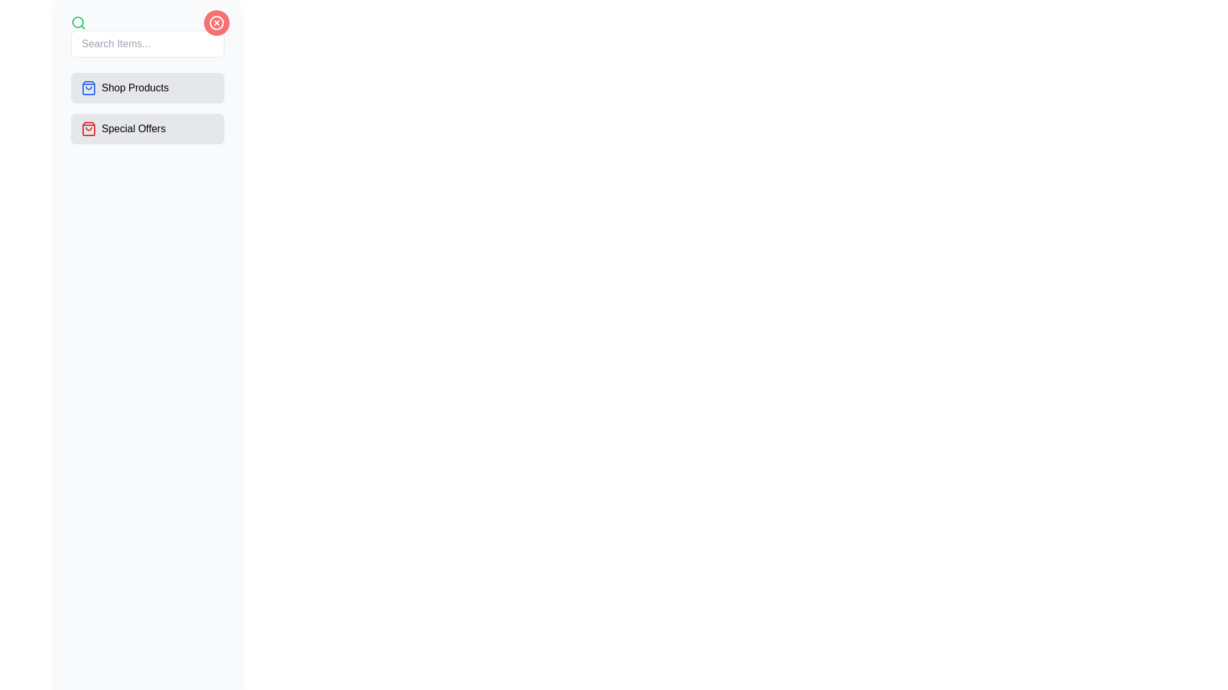 Image resolution: width=1228 pixels, height=690 pixels. Describe the element at coordinates (97, 406) in the screenshot. I see `the toggle button to toggle the drawer state` at that location.